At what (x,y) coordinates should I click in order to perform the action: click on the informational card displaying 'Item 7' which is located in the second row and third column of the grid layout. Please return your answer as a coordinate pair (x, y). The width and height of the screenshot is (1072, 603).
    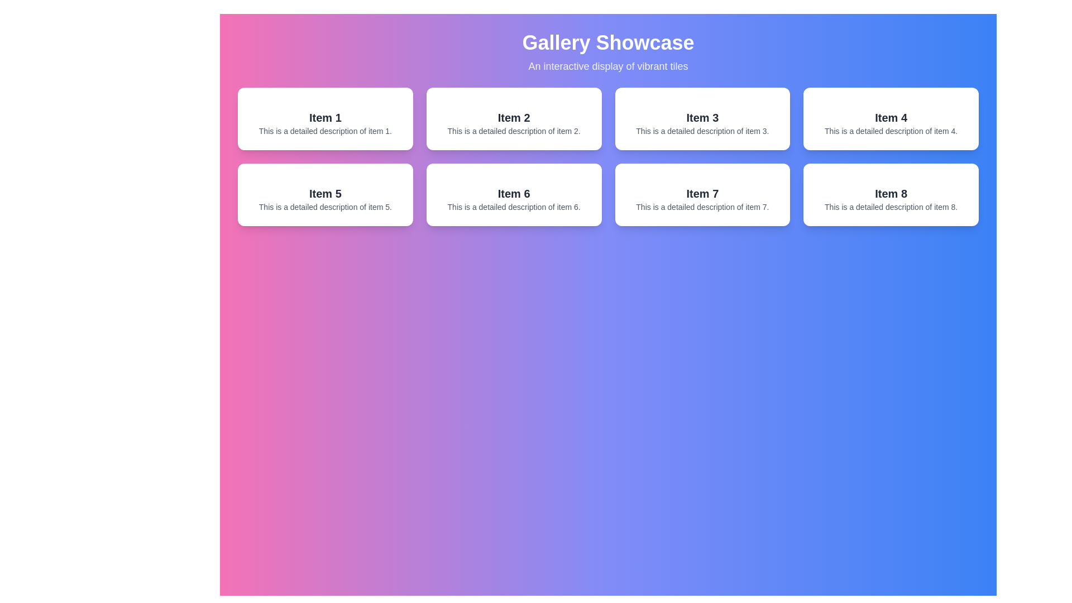
    Looking at the image, I should click on (702, 194).